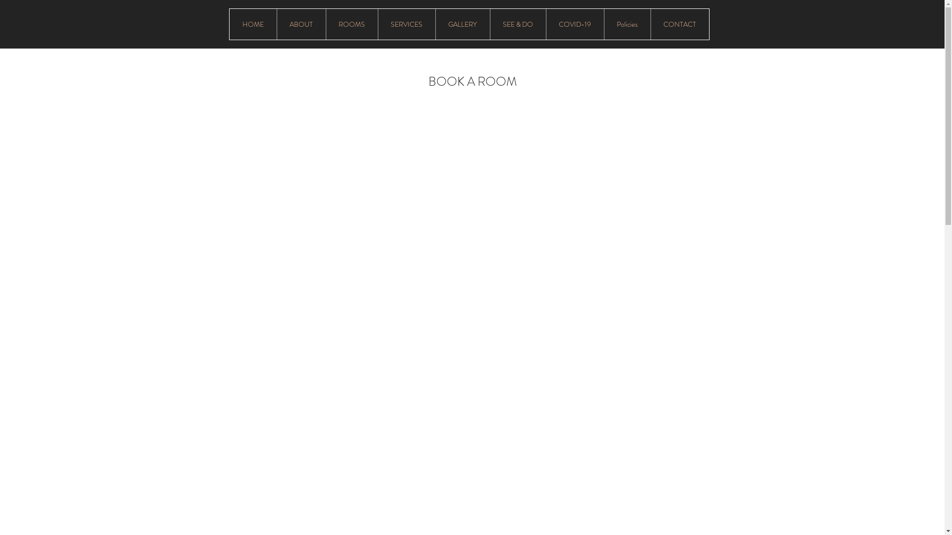 This screenshot has width=952, height=535. Describe the element at coordinates (490, 24) in the screenshot. I see `'SEE & DO'` at that location.